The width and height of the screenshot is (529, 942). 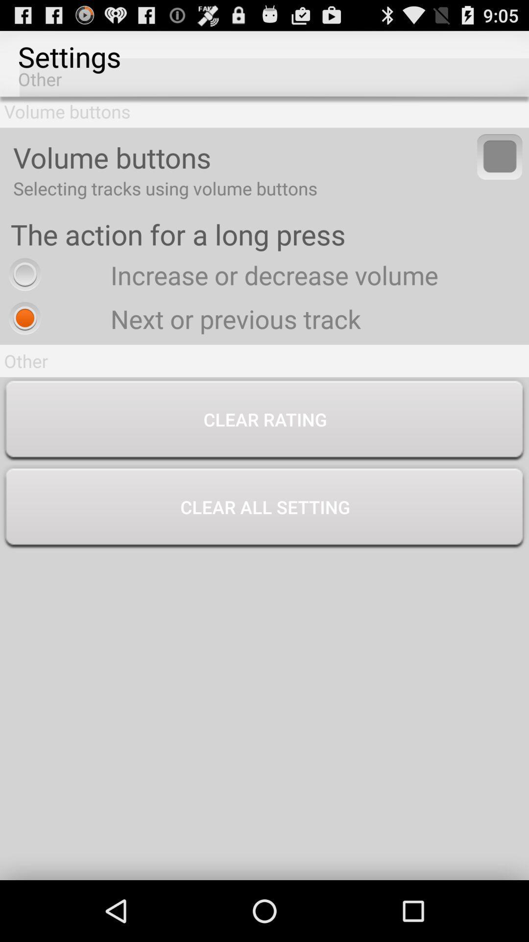 What do you see at coordinates (182, 318) in the screenshot?
I see `the next or previous item` at bounding box center [182, 318].